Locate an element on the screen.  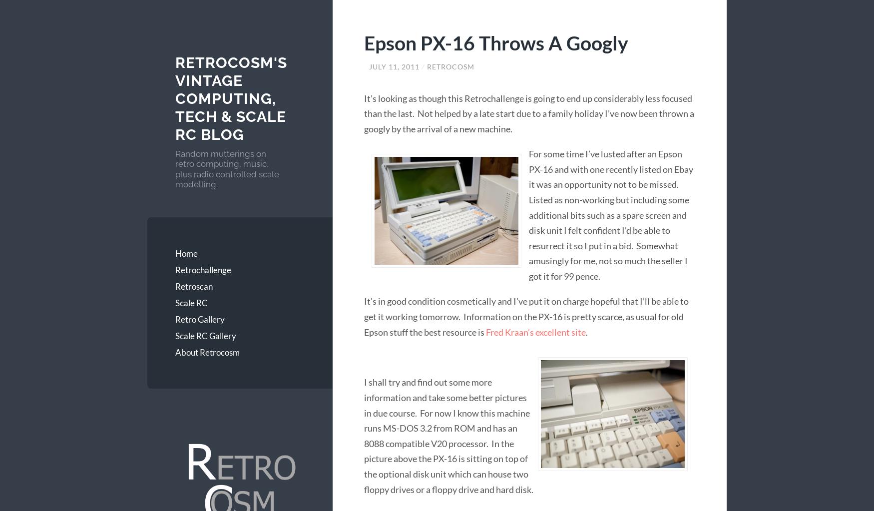
'Scale RC Gallery' is located at coordinates (205, 335).